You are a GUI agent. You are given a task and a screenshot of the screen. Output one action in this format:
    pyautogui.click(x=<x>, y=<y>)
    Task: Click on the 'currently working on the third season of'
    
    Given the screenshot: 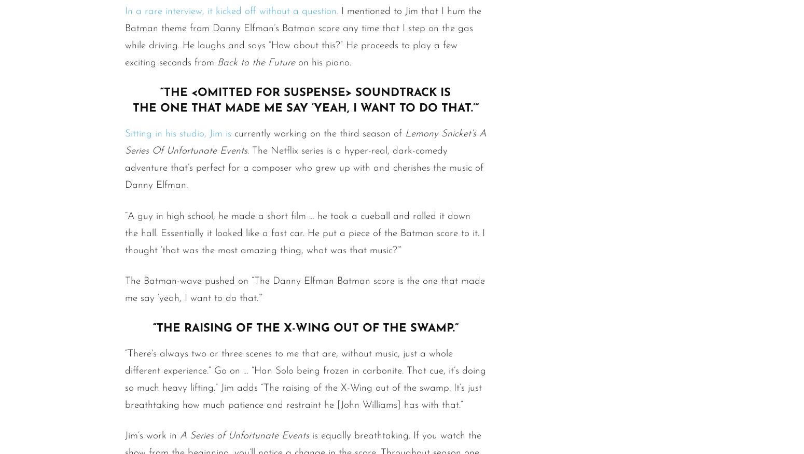 What is the action you would take?
    pyautogui.click(x=318, y=133)
    